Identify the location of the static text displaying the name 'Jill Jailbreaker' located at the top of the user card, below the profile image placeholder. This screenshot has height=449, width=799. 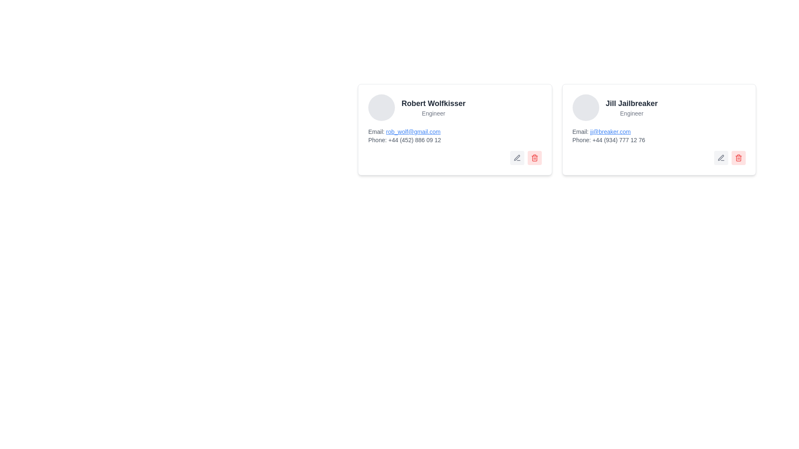
(632, 103).